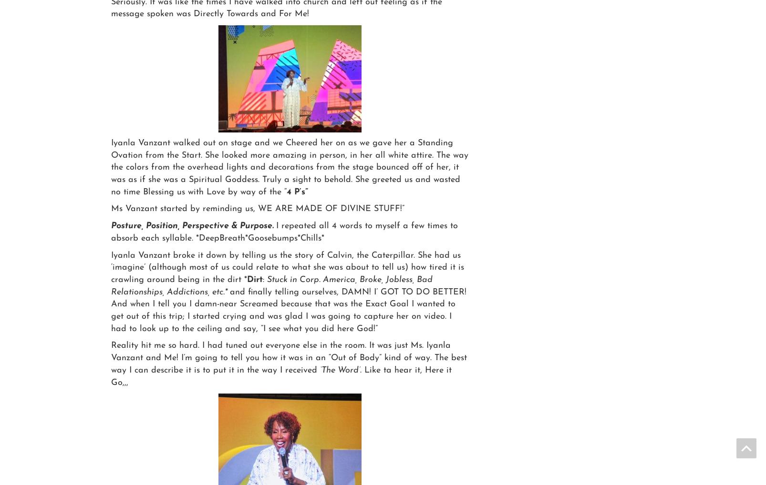  I want to click on 'Position, Perspective & Purpose.', so click(143, 226).